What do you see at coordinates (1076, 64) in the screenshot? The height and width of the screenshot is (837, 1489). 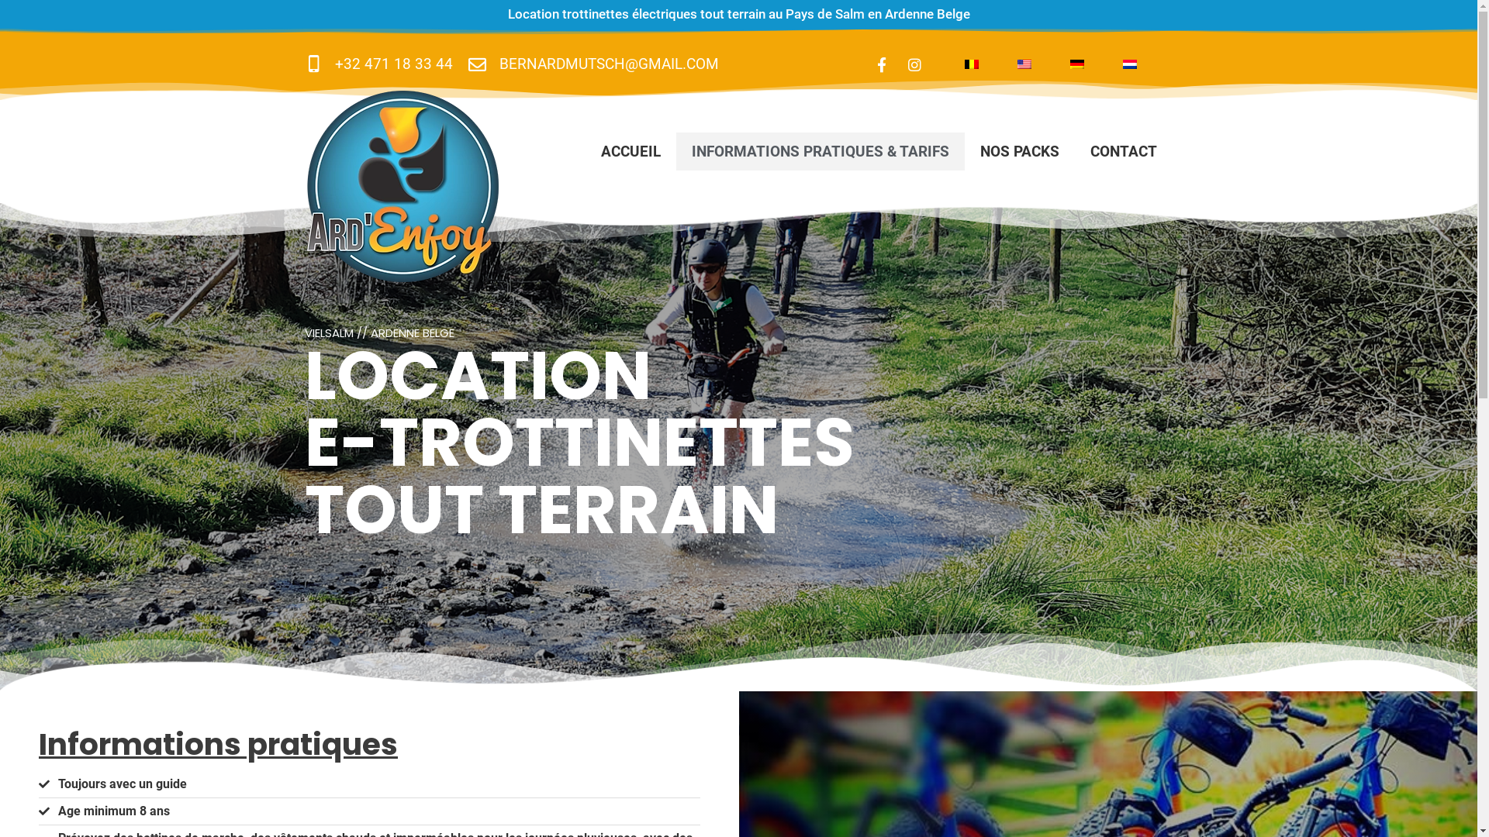 I see `'German'` at bounding box center [1076, 64].